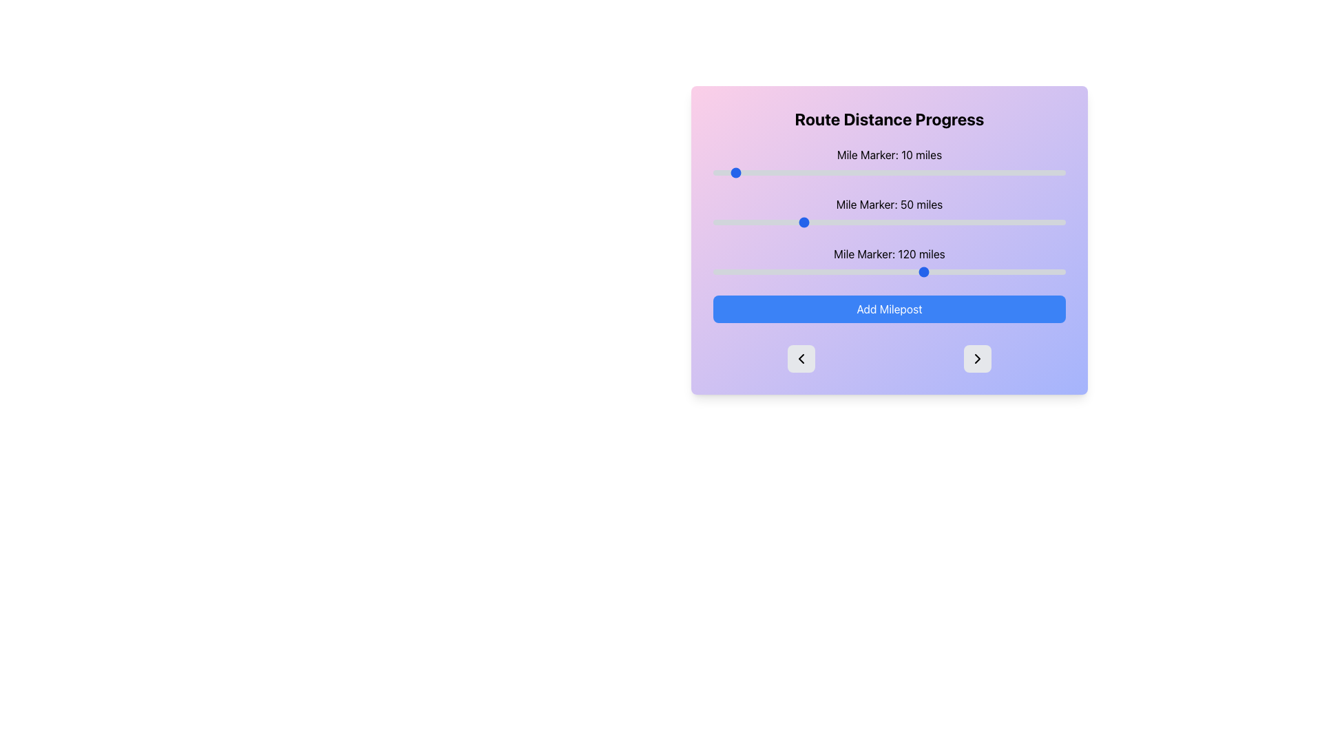 The height and width of the screenshot is (744, 1322). I want to click on the right-facing chevron icon embedded in the gray rounded rectangular button to trigger a visual response, so click(977, 358).